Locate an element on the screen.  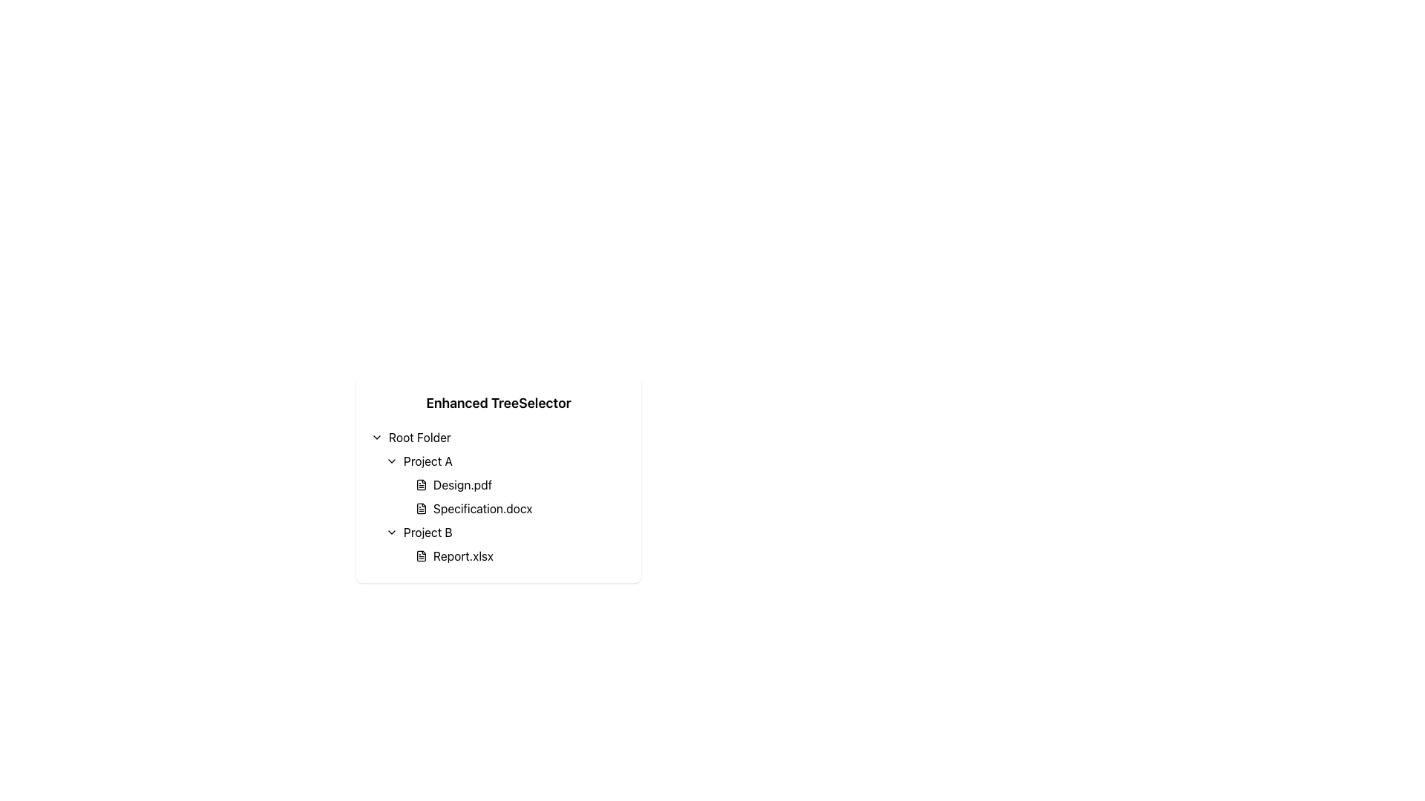
the downward-facing chevron SVG icon is located at coordinates (392, 460).